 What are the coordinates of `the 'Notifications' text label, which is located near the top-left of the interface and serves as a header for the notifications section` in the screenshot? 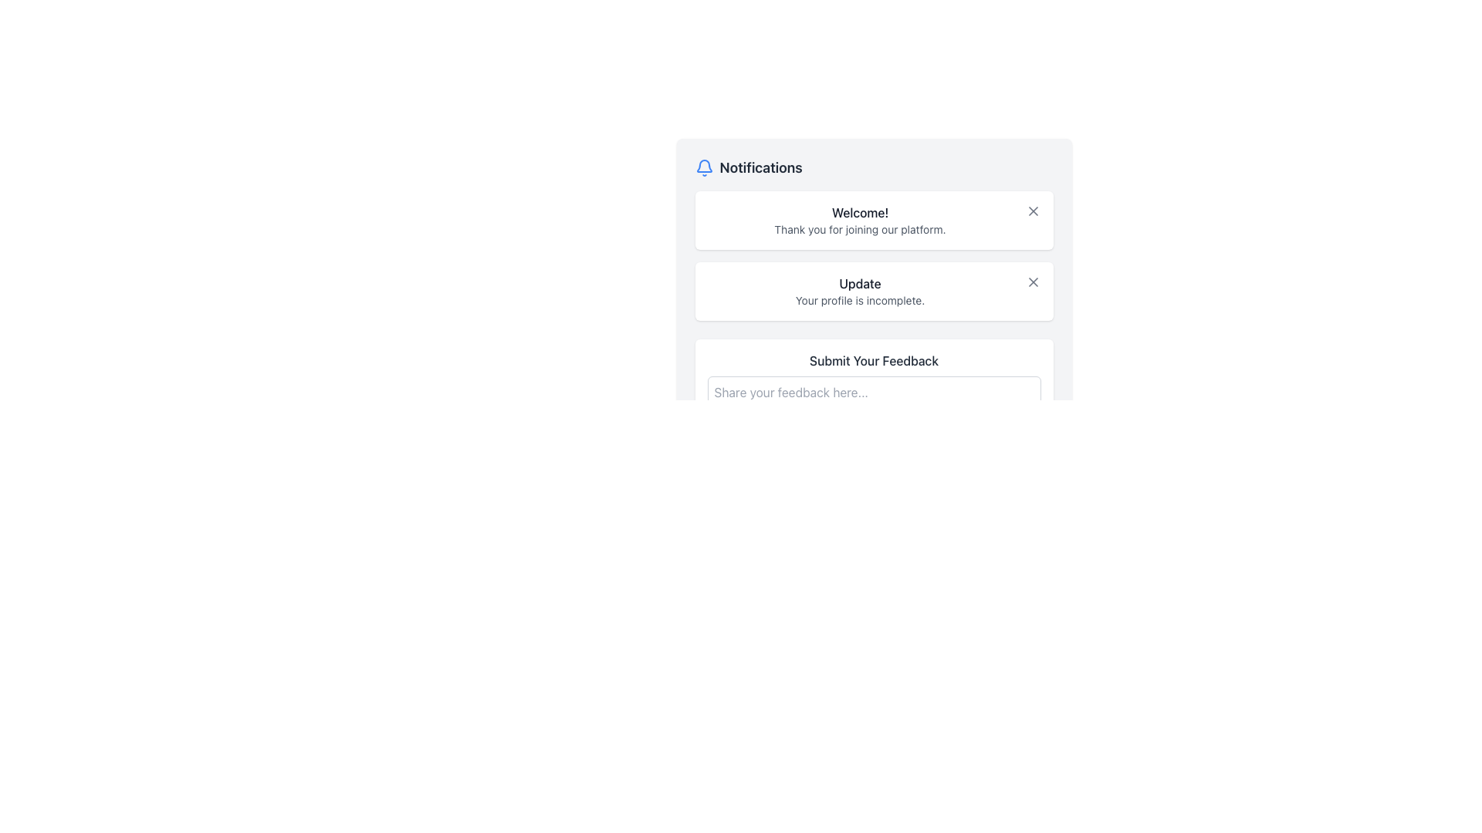 It's located at (761, 168).